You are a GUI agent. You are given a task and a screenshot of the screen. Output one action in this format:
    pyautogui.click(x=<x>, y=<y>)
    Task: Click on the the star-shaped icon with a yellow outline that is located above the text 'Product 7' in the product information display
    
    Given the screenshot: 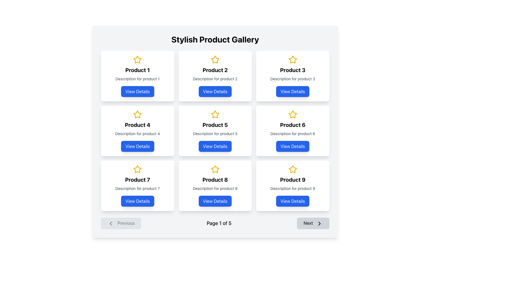 What is the action you would take?
    pyautogui.click(x=138, y=169)
    